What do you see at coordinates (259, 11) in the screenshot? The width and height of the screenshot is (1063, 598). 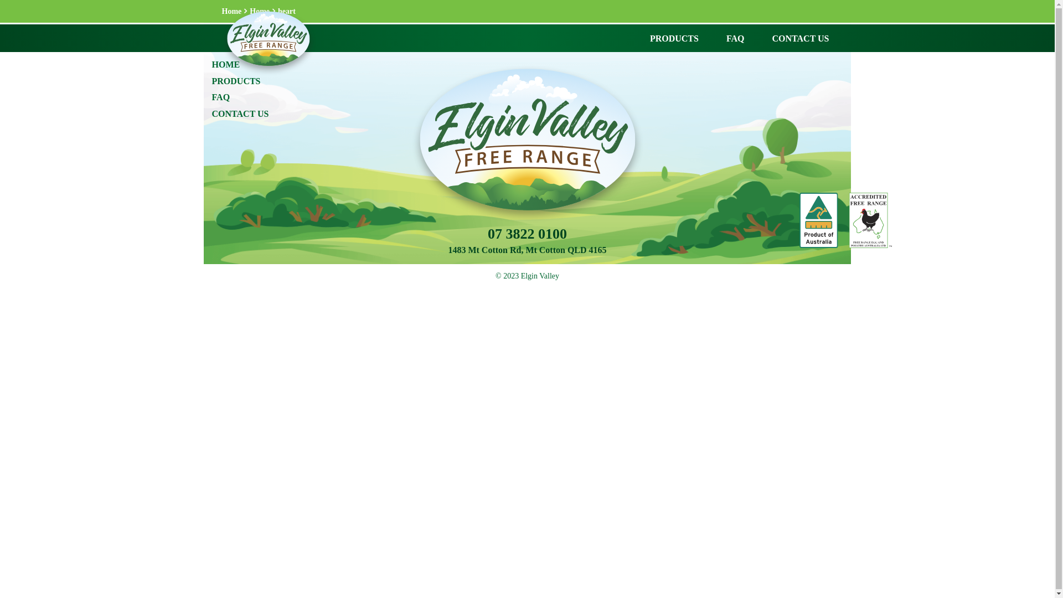 I see `'Home'` at bounding box center [259, 11].